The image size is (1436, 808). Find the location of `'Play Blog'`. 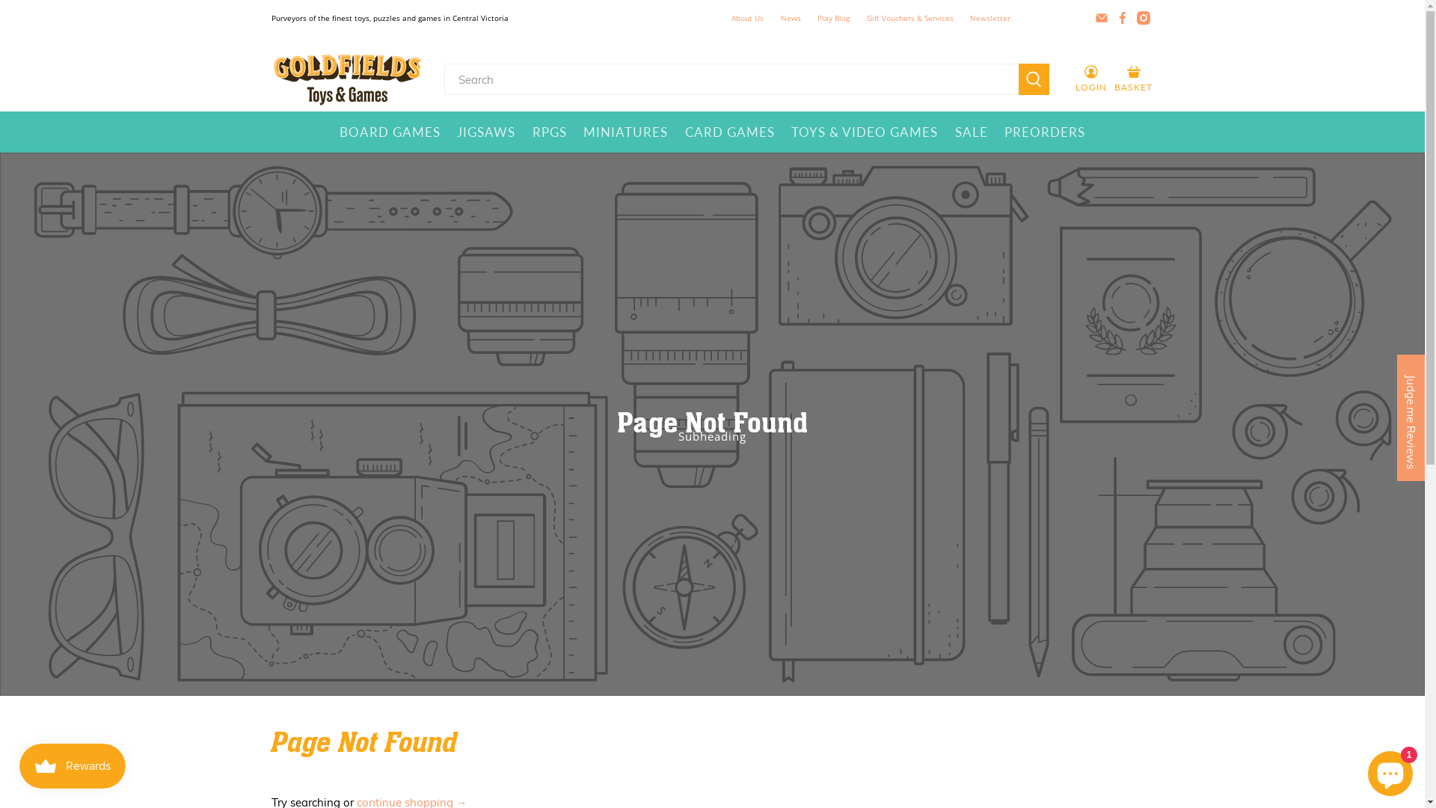

'Play Blog' is located at coordinates (808, 18).